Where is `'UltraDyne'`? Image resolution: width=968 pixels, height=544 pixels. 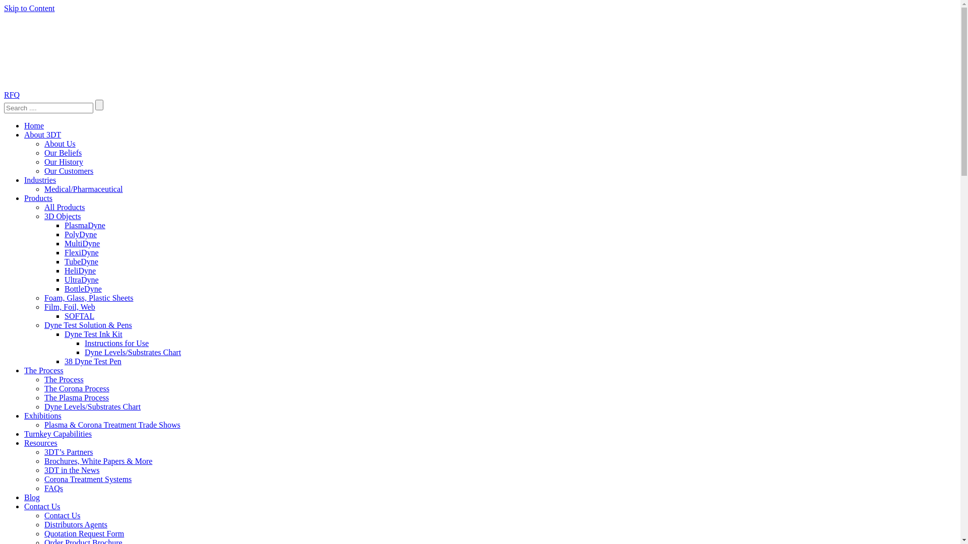
'UltraDyne' is located at coordinates (82, 280).